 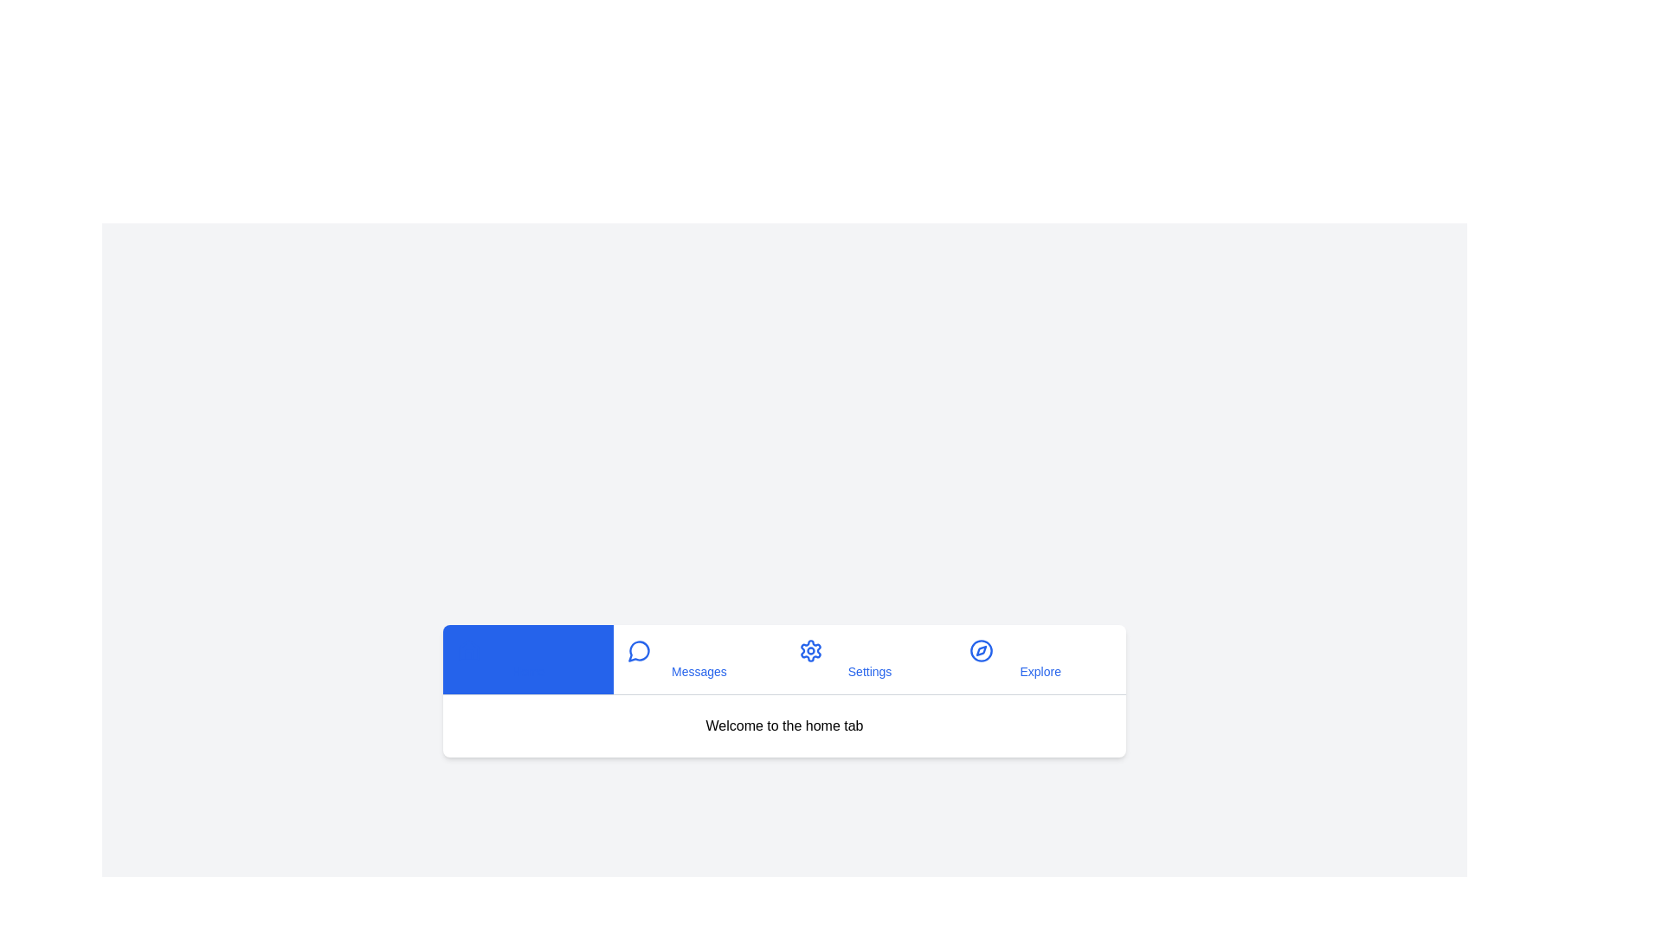 What do you see at coordinates (870, 659) in the screenshot?
I see `the tab button labeled 'Settings' to see its hover effect` at bounding box center [870, 659].